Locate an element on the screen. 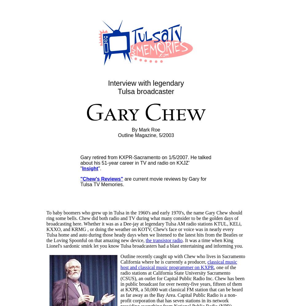 The image size is (292, 306). '"Chew's Reviews"' is located at coordinates (101, 179).